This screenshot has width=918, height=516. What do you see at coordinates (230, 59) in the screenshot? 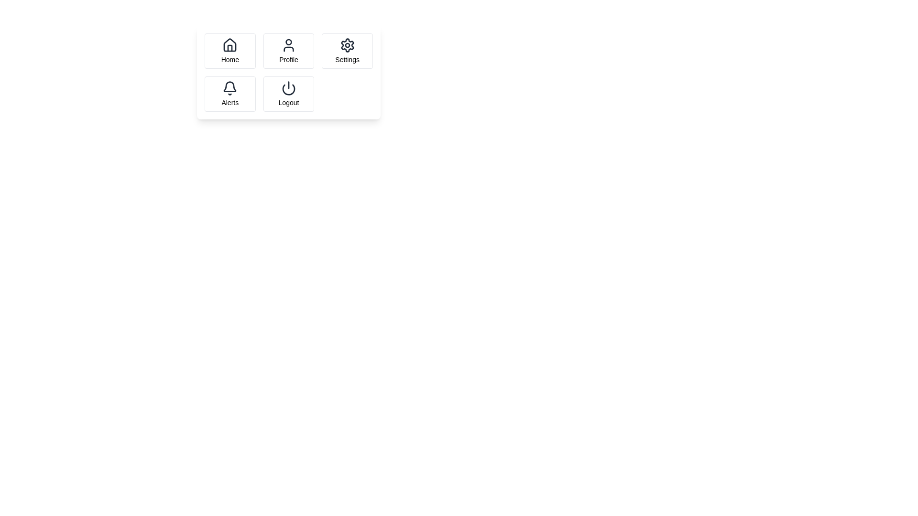
I see `the 'Home' text label, which indicates the functionality of the Home button and is positioned below the house icon, aligned with 'Profile' and 'Settings'` at bounding box center [230, 59].